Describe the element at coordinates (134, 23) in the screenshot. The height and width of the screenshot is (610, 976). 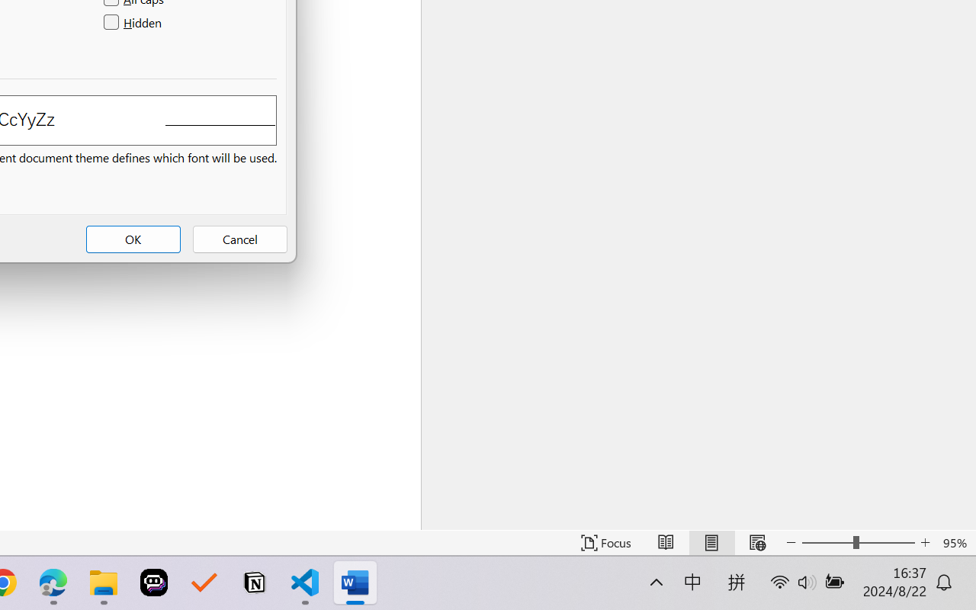
I see `'Hidden'` at that location.